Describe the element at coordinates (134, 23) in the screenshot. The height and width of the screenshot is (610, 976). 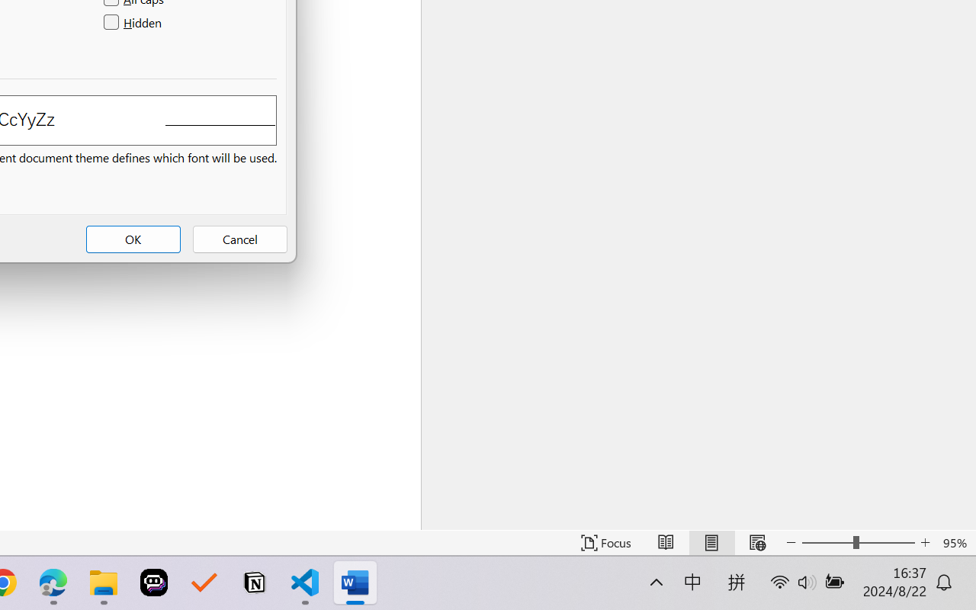
I see `'Hidden'` at that location.